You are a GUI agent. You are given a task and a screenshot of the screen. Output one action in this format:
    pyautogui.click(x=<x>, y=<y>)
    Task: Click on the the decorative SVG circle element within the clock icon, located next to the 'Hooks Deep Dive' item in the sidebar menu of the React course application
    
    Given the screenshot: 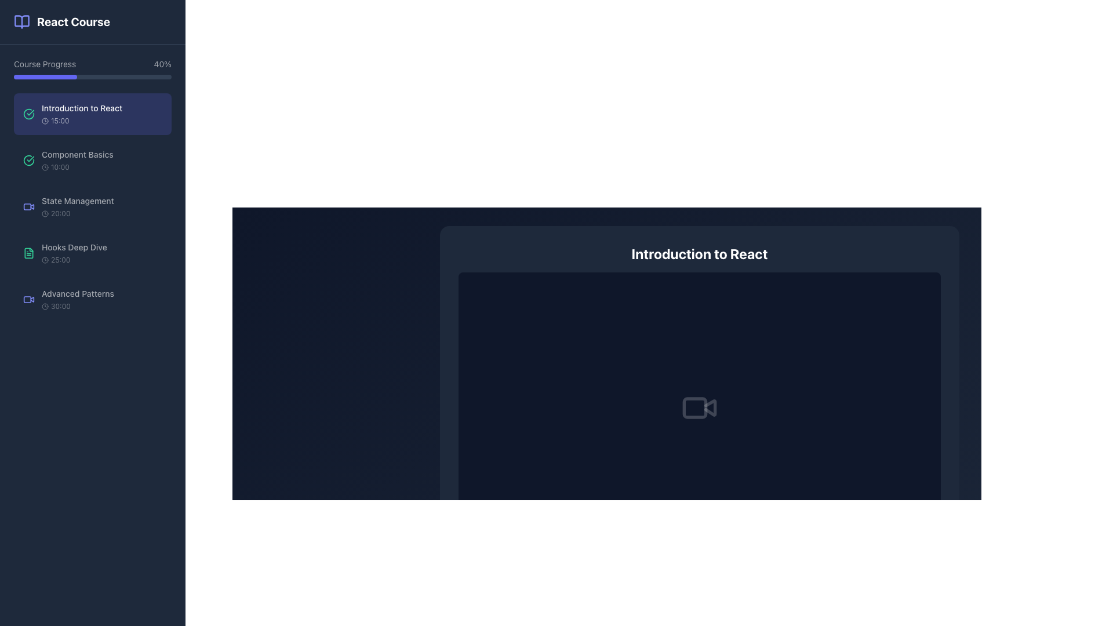 What is the action you would take?
    pyautogui.click(x=45, y=259)
    